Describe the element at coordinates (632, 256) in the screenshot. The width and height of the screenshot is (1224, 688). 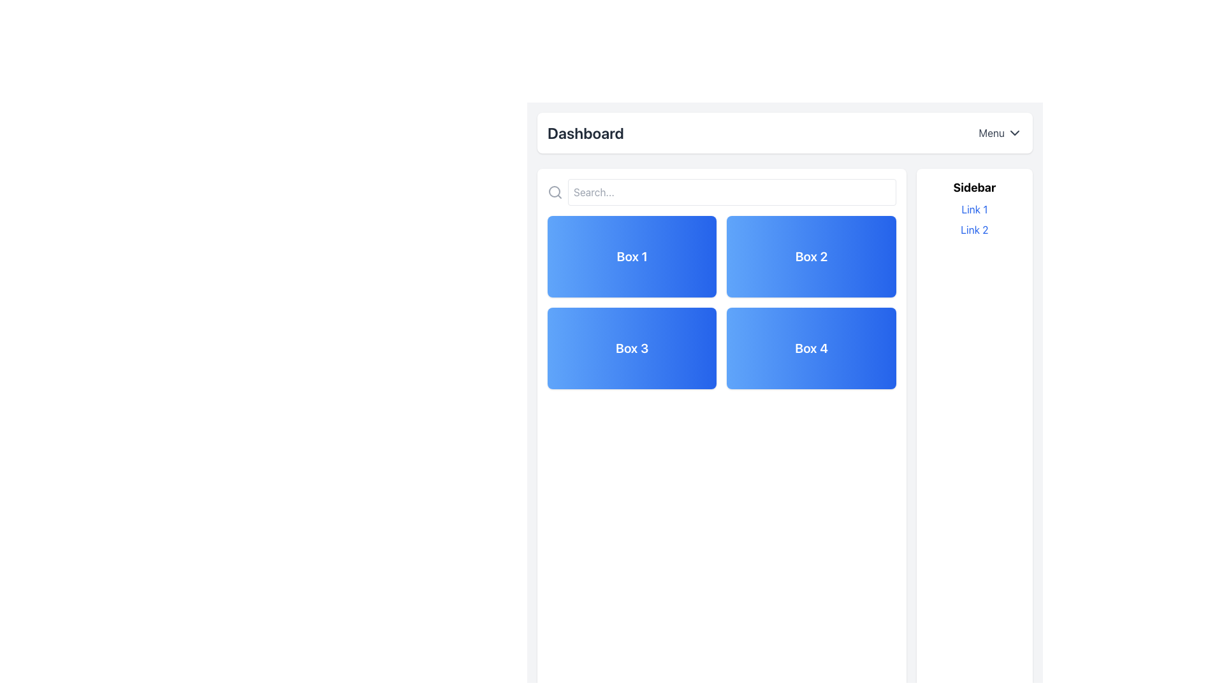
I see `the Static Display Box labeled 'Box 1', which is the top-left box in a 2x2 grid with a gradient background and rounded corners` at that location.